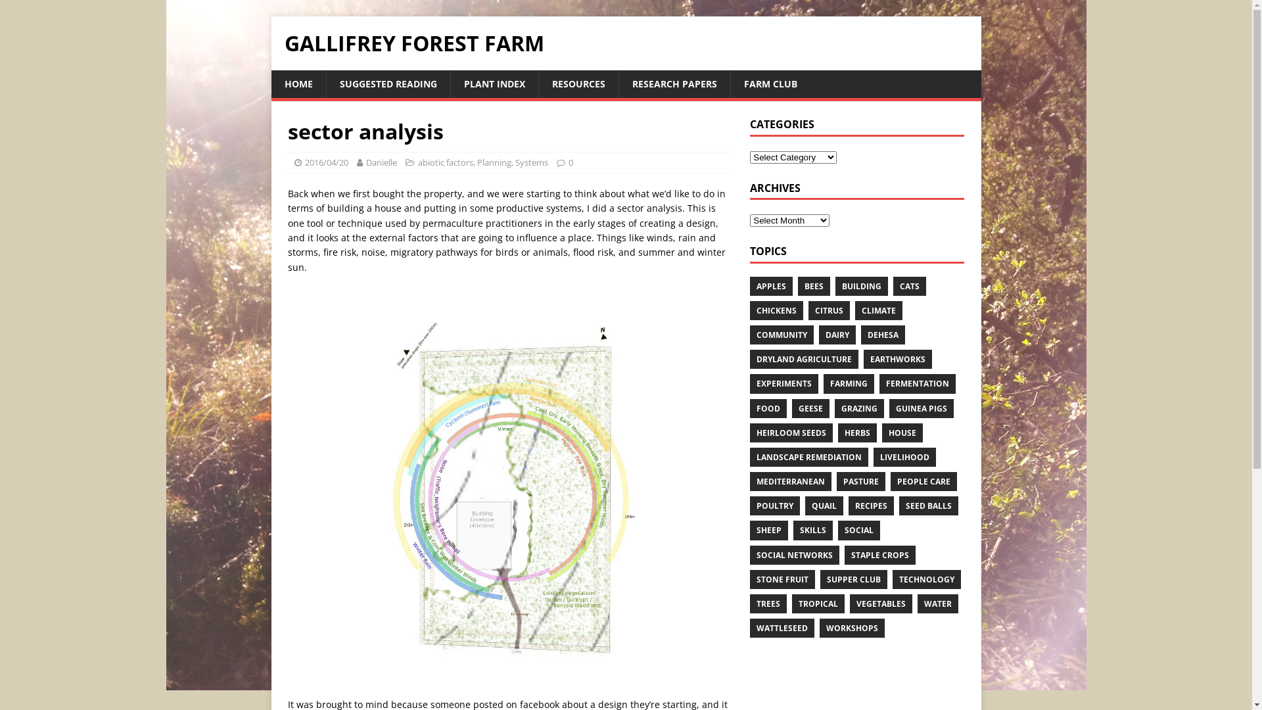 The image size is (1262, 710). Describe the element at coordinates (769, 529) in the screenshot. I see `'SHEEP'` at that location.